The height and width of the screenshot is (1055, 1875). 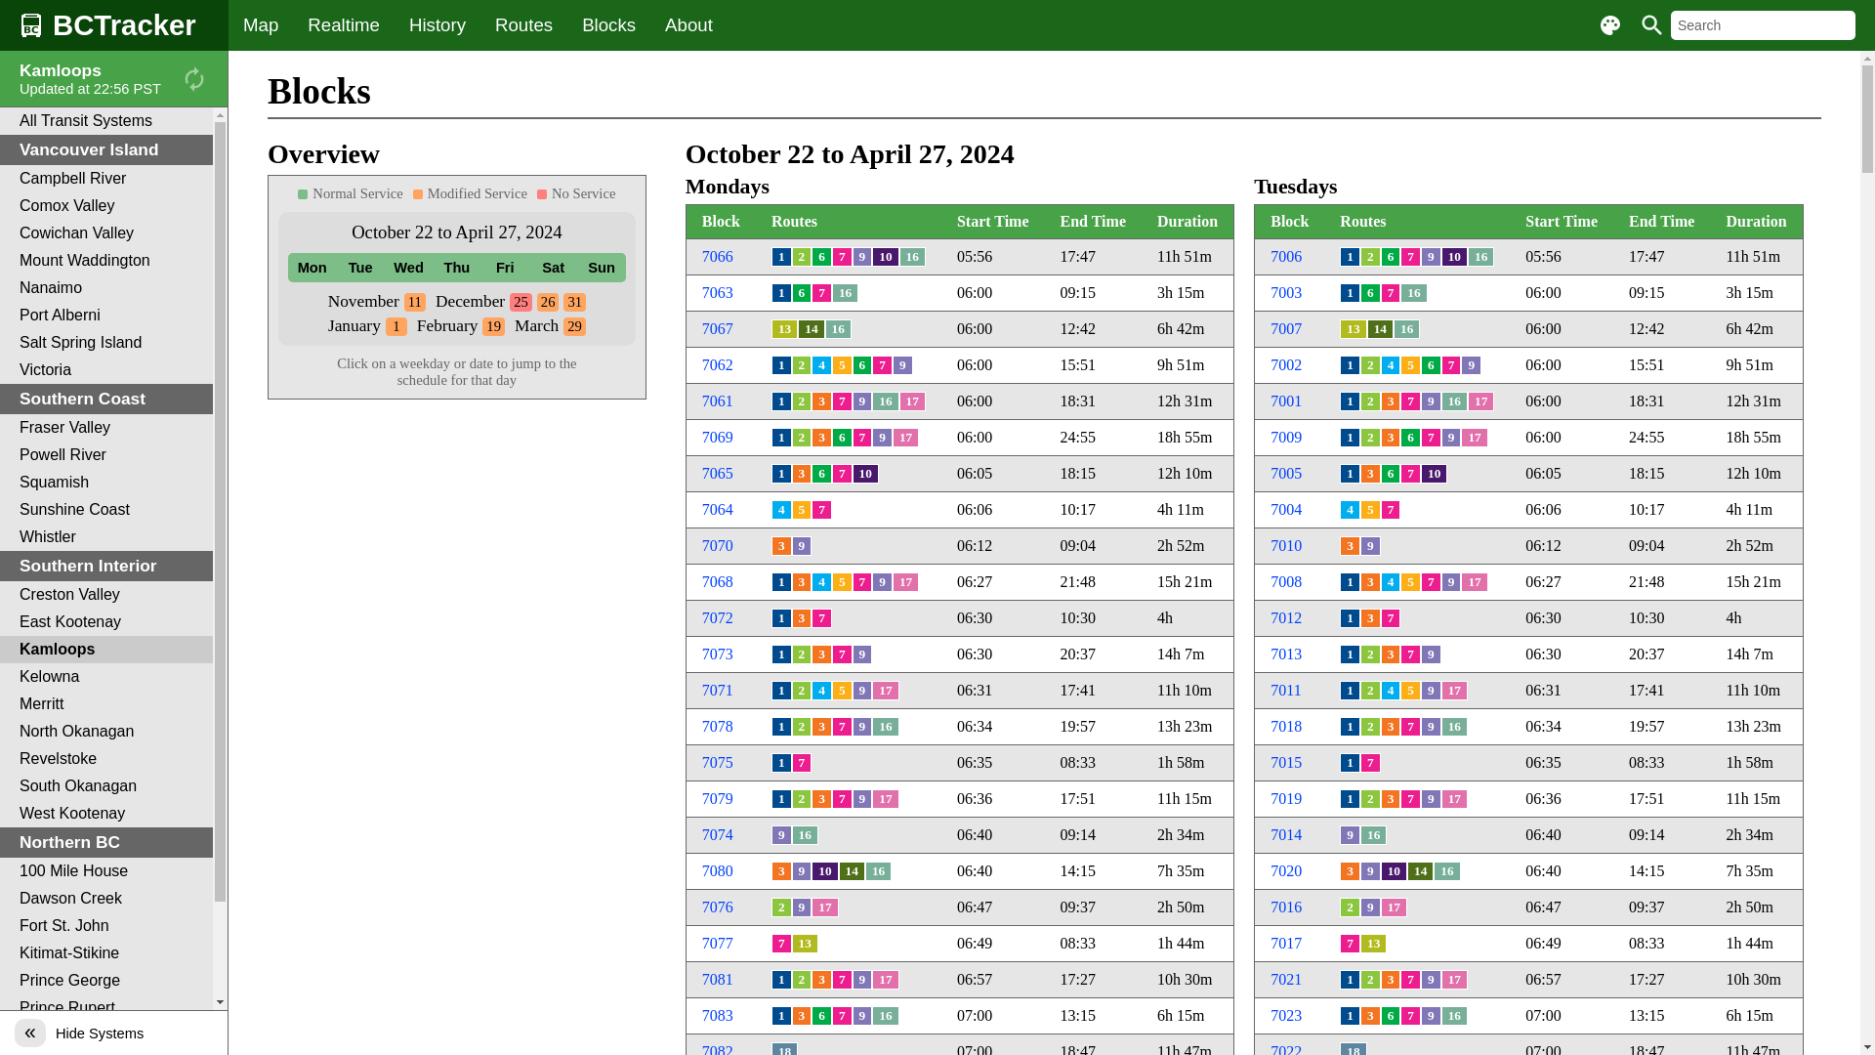 I want to click on '7005', so click(x=1285, y=473).